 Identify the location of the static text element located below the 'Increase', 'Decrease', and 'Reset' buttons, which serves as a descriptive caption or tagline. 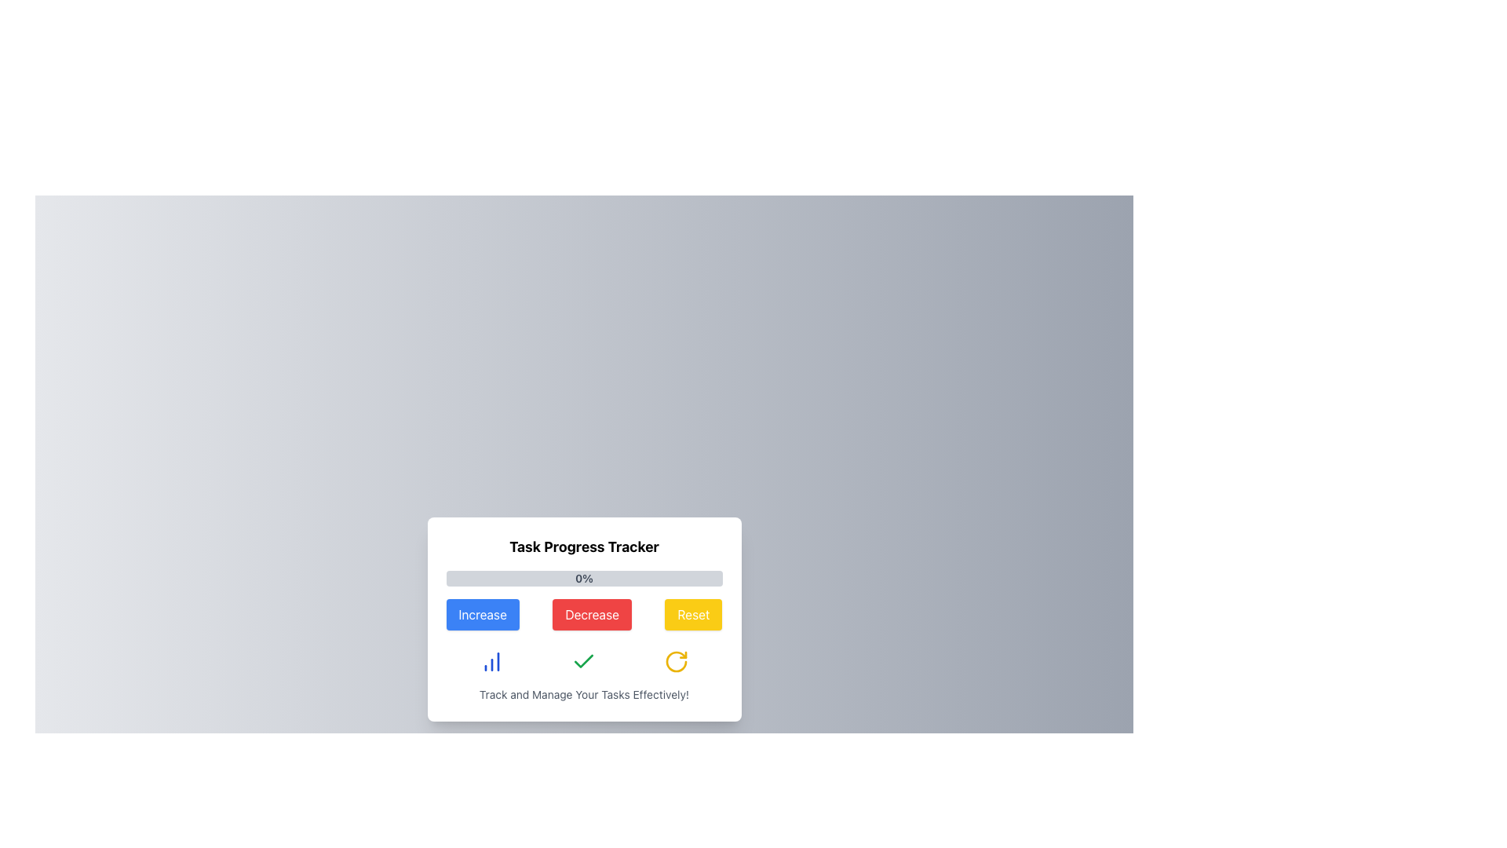
(583, 693).